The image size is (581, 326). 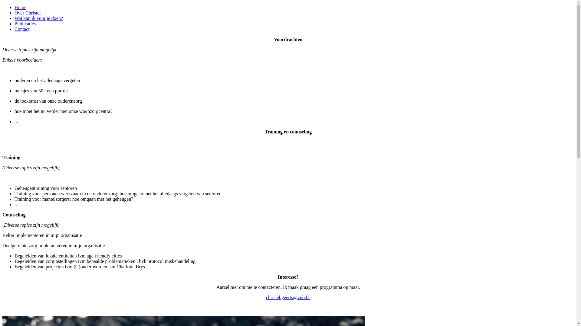 What do you see at coordinates (25, 23) in the screenshot?
I see `'Publicaties'` at bounding box center [25, 23].